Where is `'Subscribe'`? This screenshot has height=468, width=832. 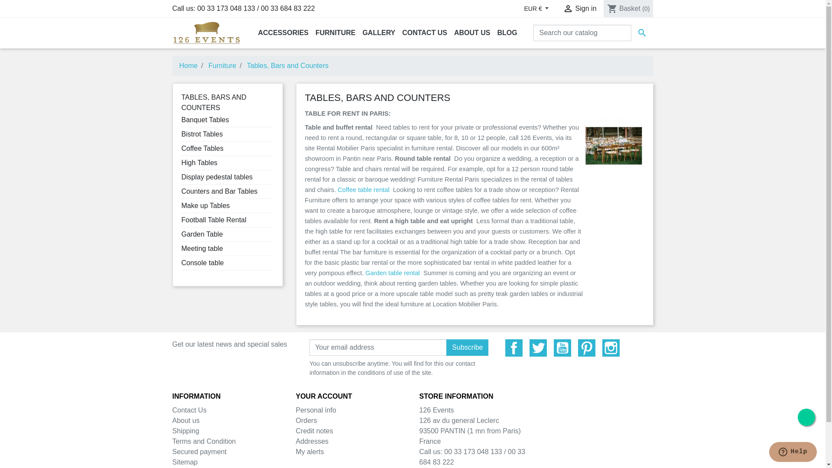
'Subscribe' is located at coordinates (467, 347).